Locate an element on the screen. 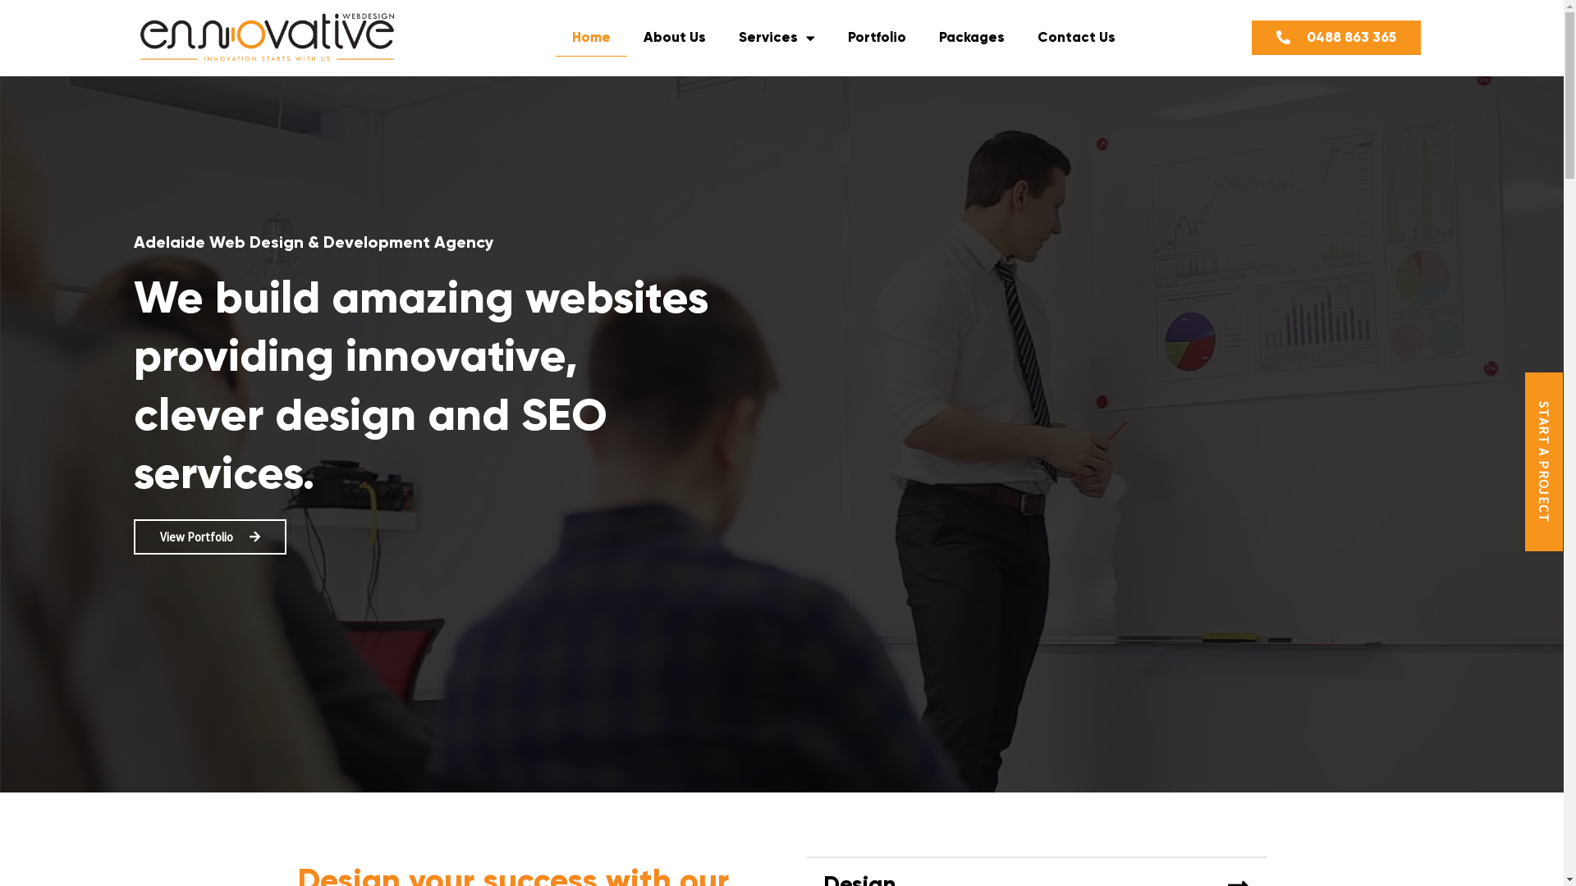 The width and height of the screenshot is (1576, 886). '0488 863 365' is located at coordinates (1335, 37).